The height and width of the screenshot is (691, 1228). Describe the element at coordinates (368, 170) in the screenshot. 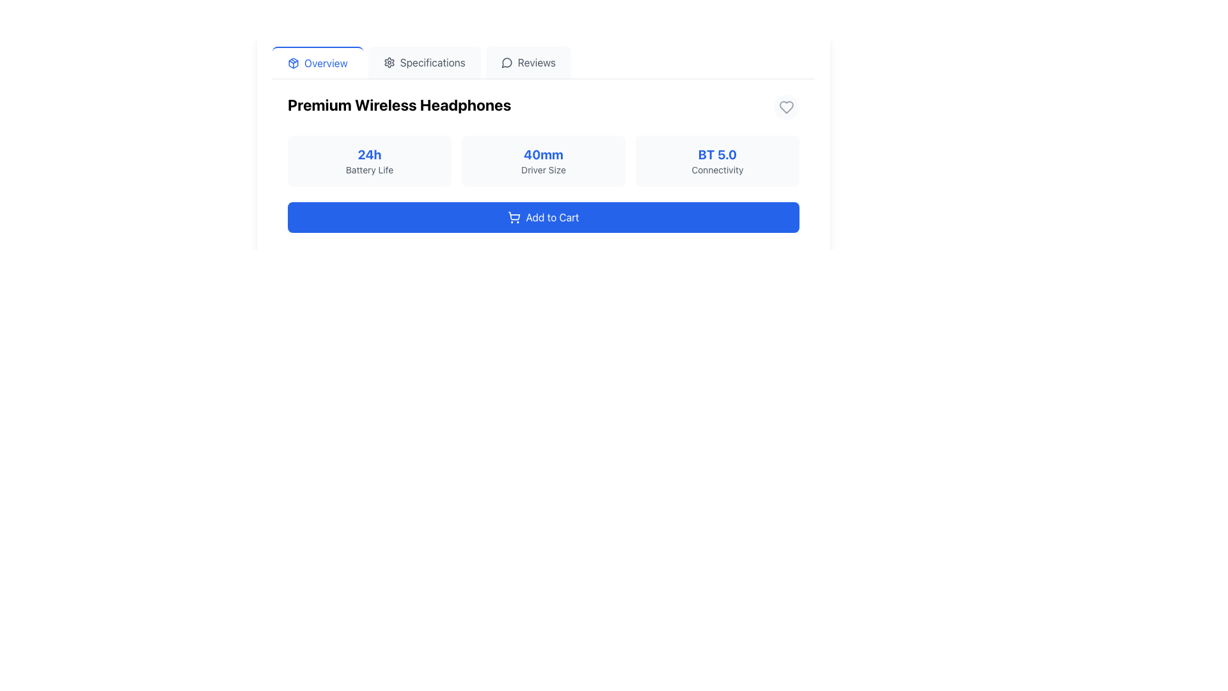

I see `the 'Battery Life' text label, which is styled in a small-sized gray font and located below the '24h' text in the leftmost card under 'Premium Wireless Headphones'` at that location.